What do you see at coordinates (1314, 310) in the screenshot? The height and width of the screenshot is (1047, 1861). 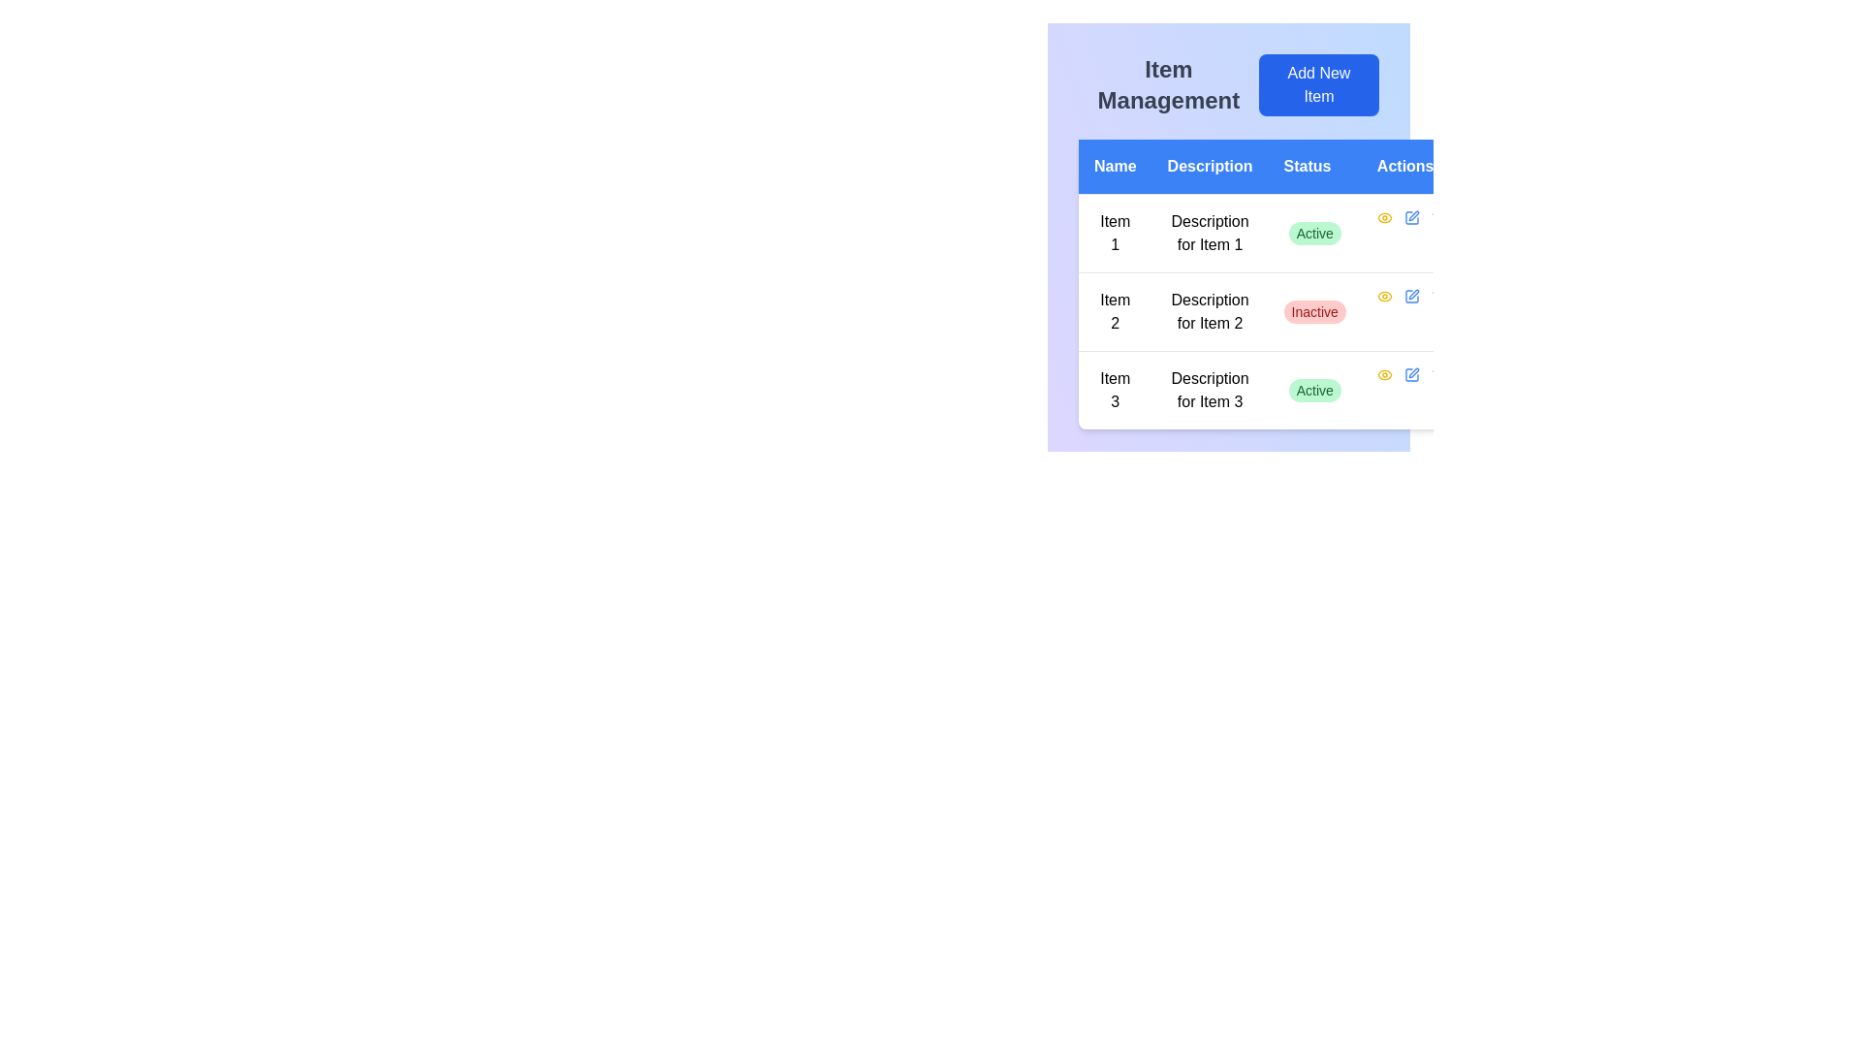 I see `the 'Inactive' status indicator in the 'Status' column of the second row under 'Item Management', which is aligned with 'Description for Item 2'` at bounding box center [1314, 310].